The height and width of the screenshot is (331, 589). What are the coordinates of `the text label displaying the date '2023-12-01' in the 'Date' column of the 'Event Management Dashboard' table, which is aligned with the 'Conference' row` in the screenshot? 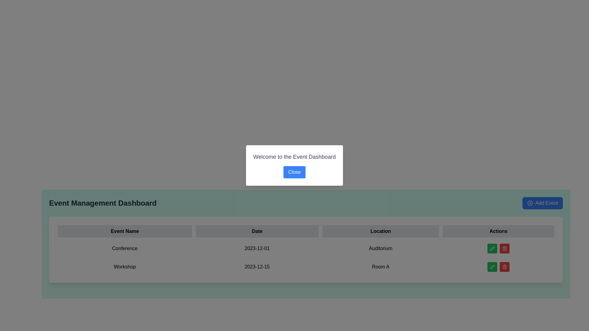 It's located at (257, 248).